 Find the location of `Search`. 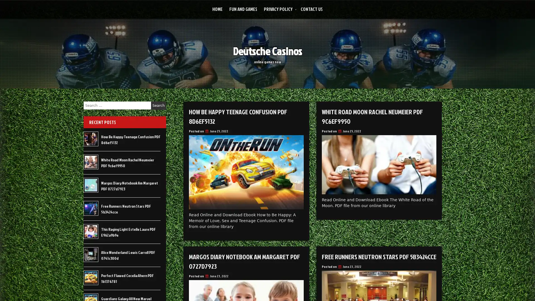

Search is located at coordinates (158, 105).